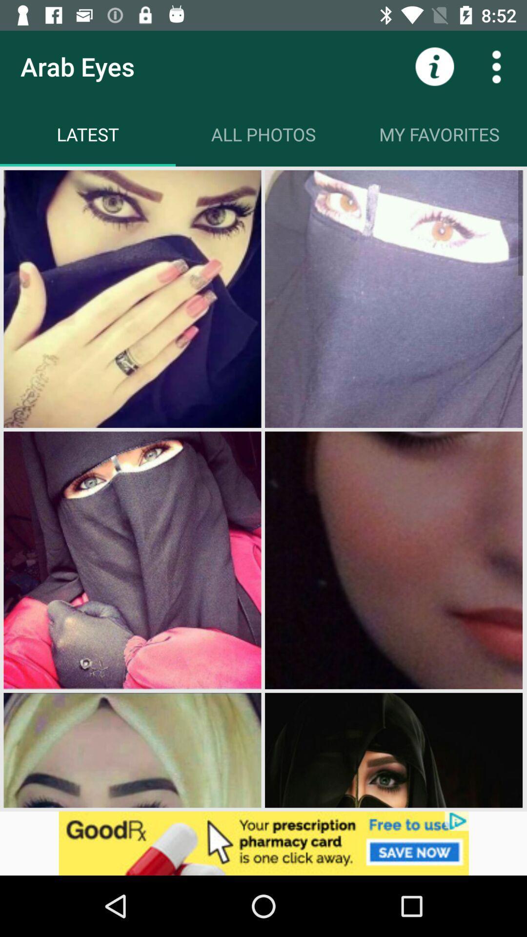 The height and width of the screenshot is (937, 527). What do you see at coordinates (496, 66) in the screenshot?
I see `to see other options` at bounding box center [496, 66].